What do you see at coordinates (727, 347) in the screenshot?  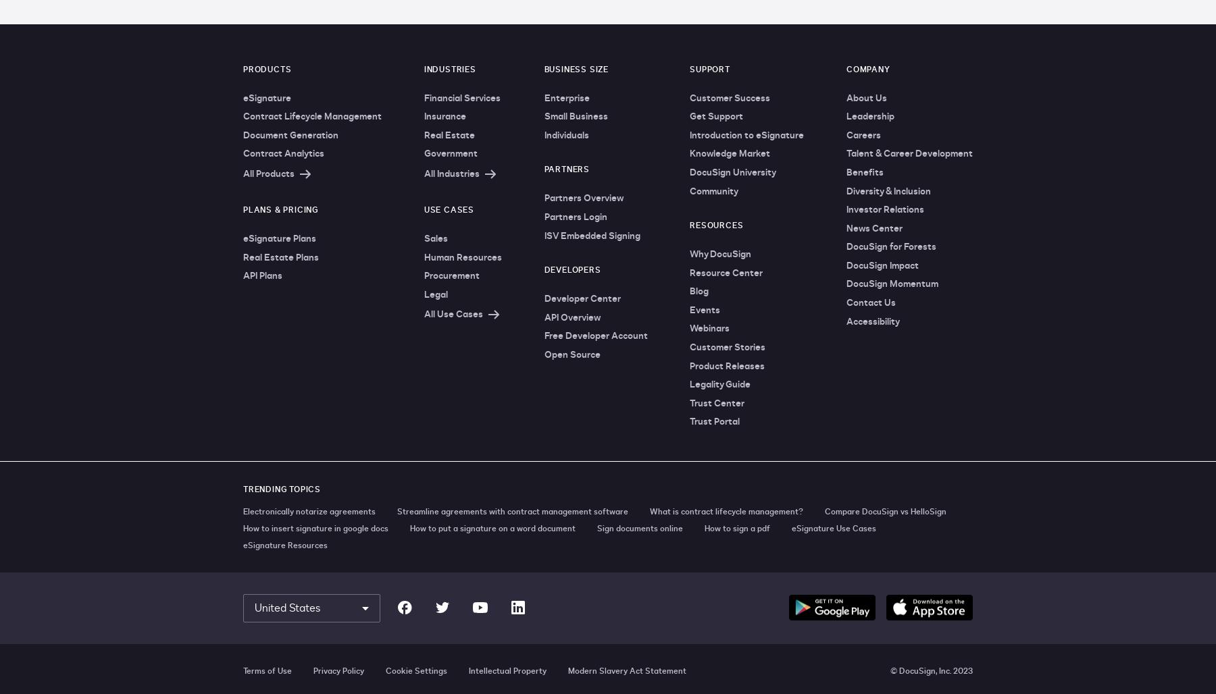 I see `'Customer Stories'` at bounding box center [727, 347].